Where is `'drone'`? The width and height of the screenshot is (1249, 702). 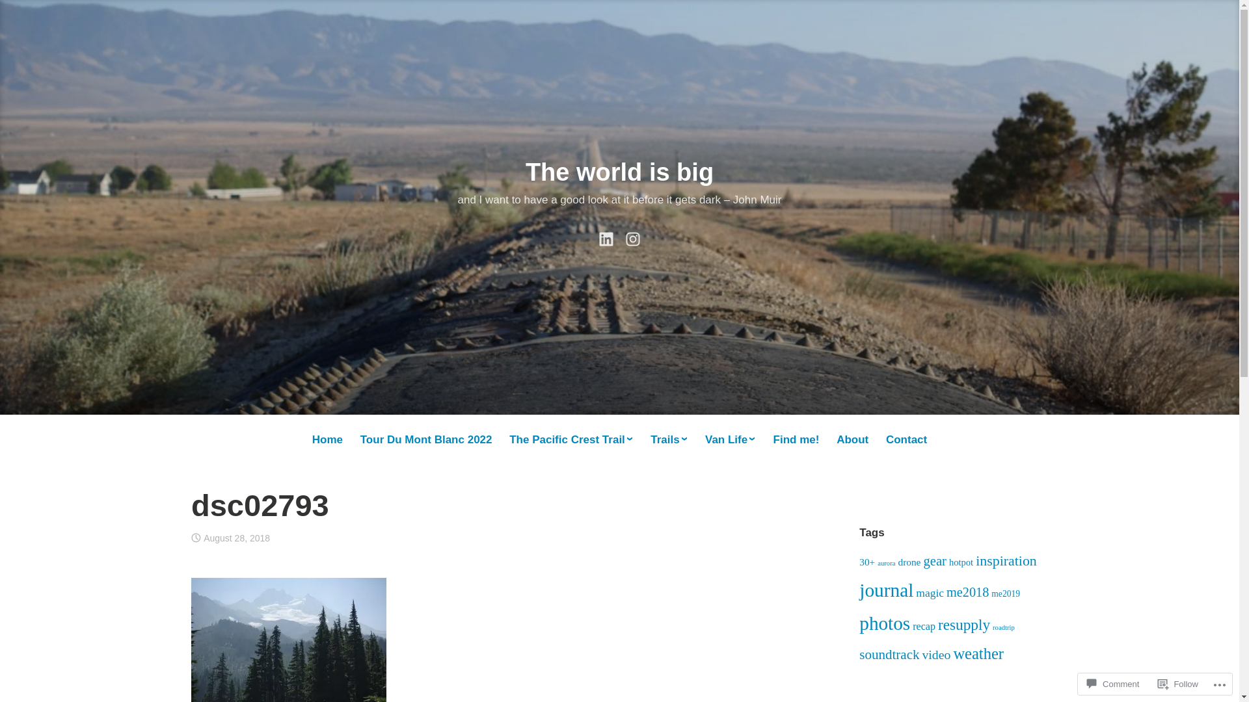
'drone' is located at coordinates (908, 561).